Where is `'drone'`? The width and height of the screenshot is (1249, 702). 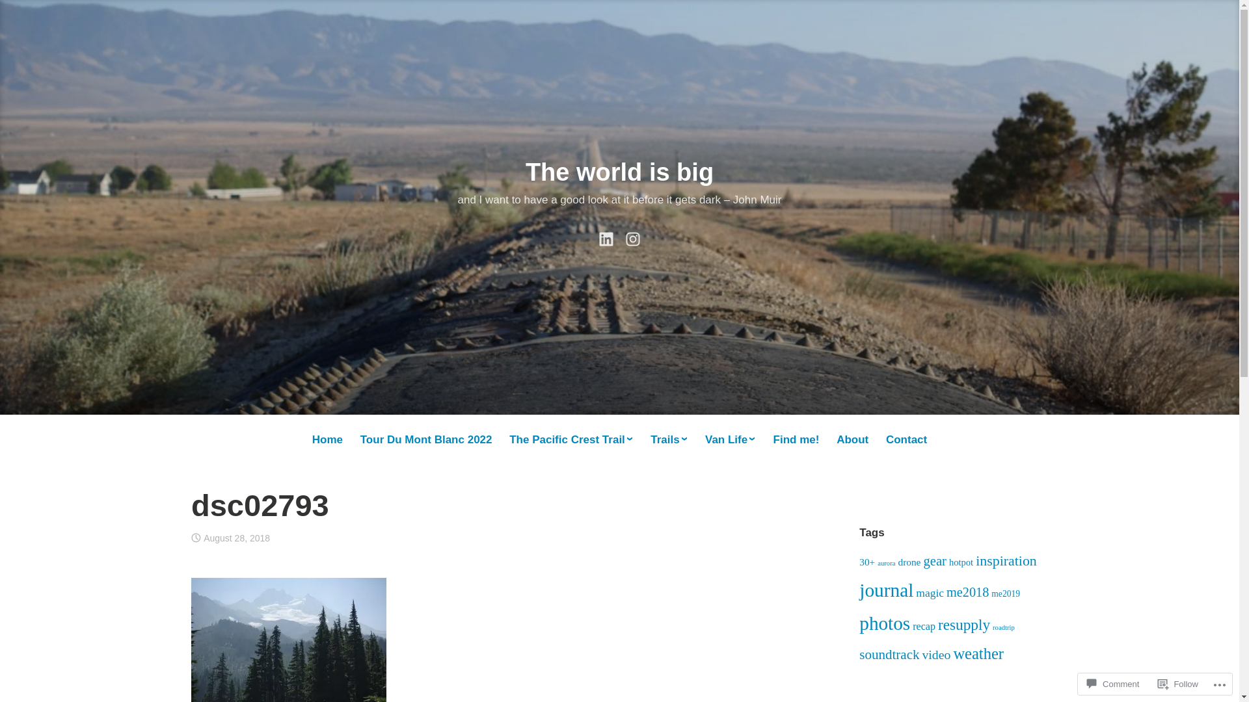
'drone' is located at coordinates (908, 561).